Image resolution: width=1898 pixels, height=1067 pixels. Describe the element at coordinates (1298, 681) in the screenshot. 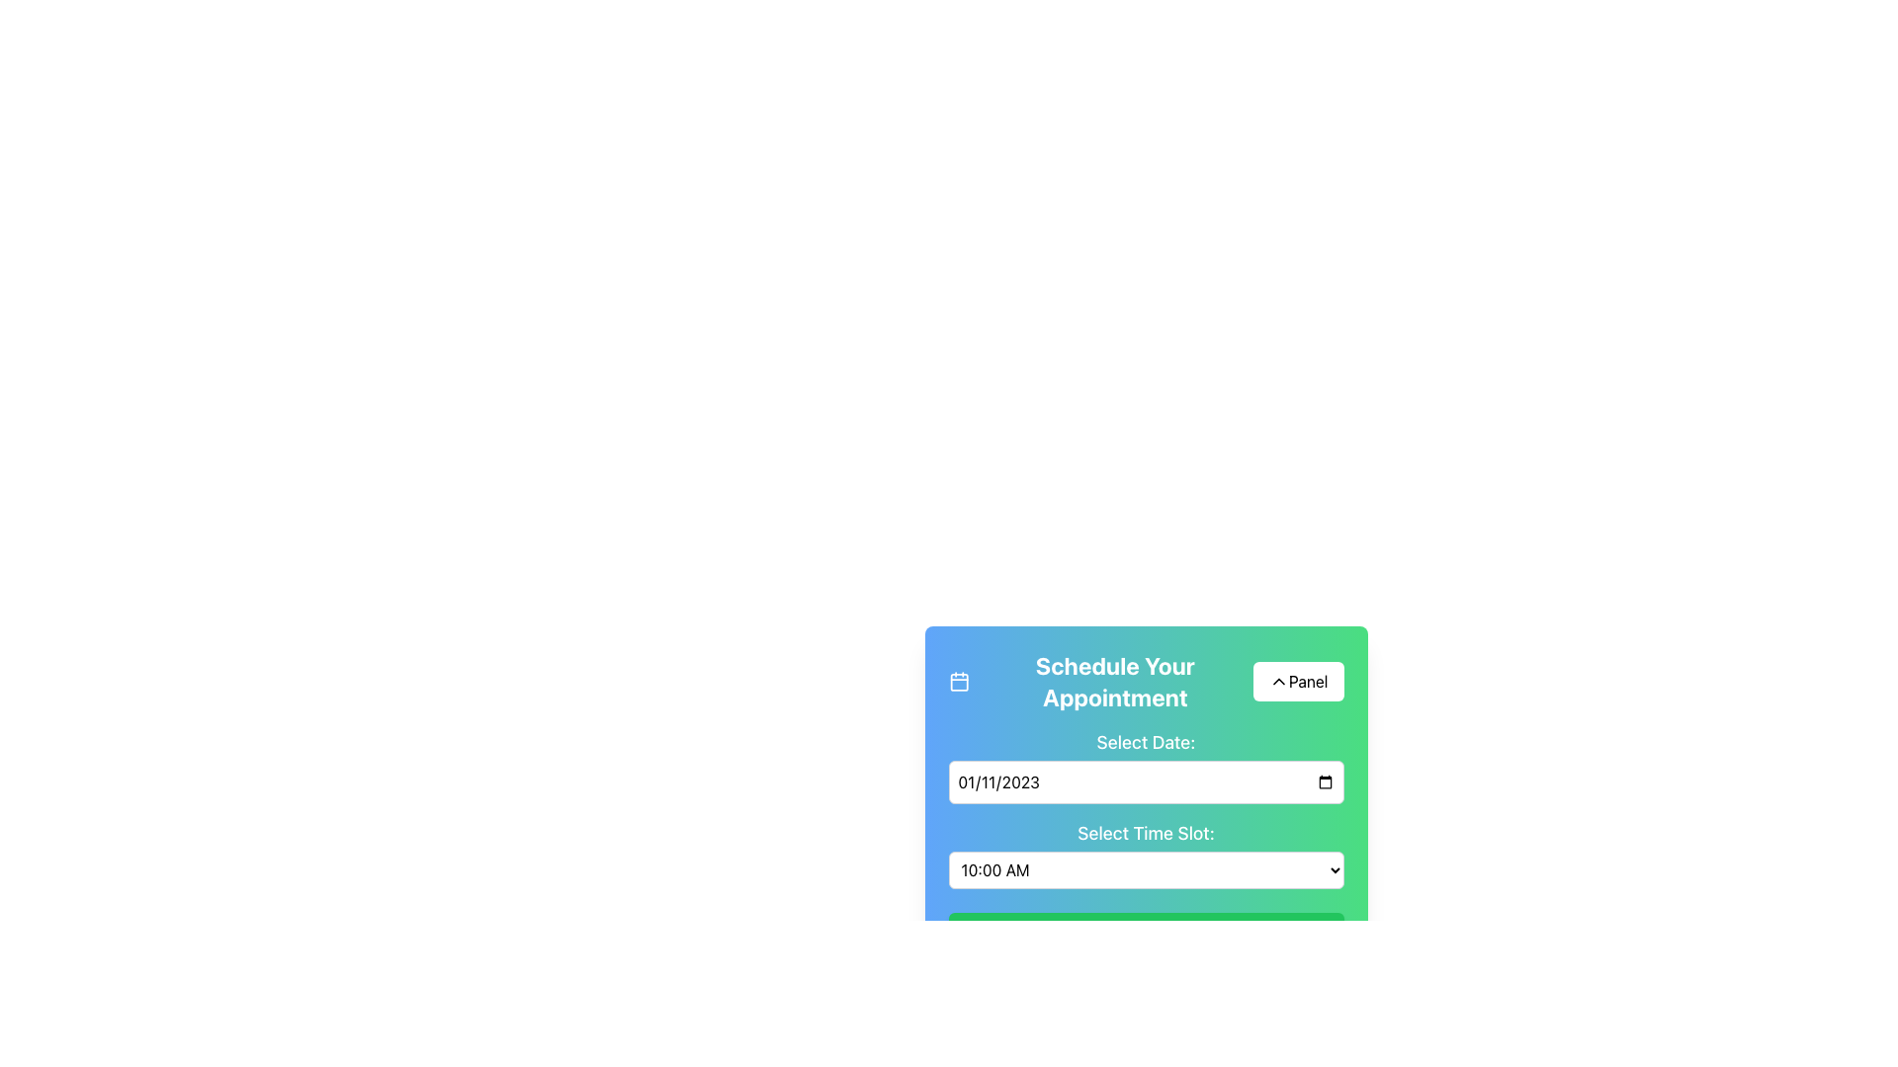

I see `the toggle button located at the top-right corner of the 'Schedule Your Appointment' section` at that location.